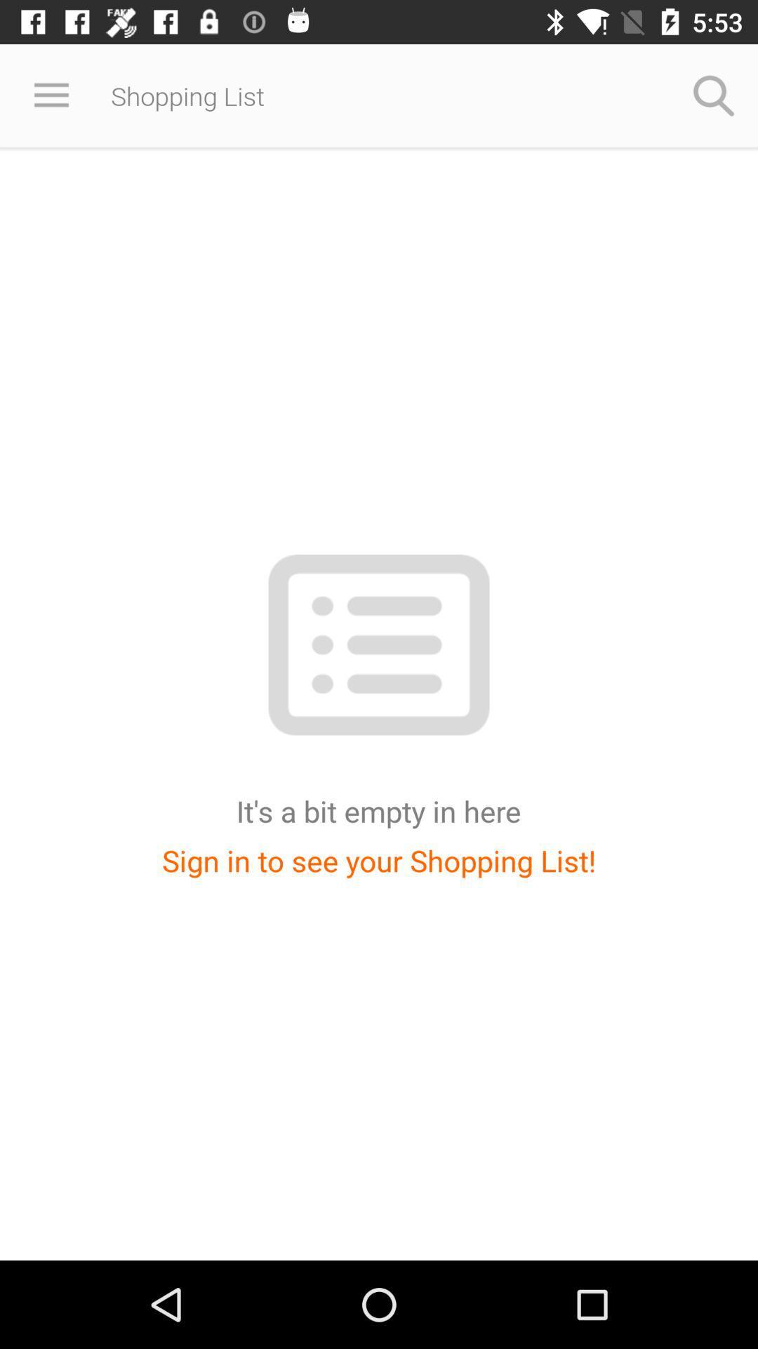 Image resolution: width=758 pixels, height=1349 pixels. Describe the element at coordinates (714, 95) in the screenshot. I see `icon at the top right corner` at that location.